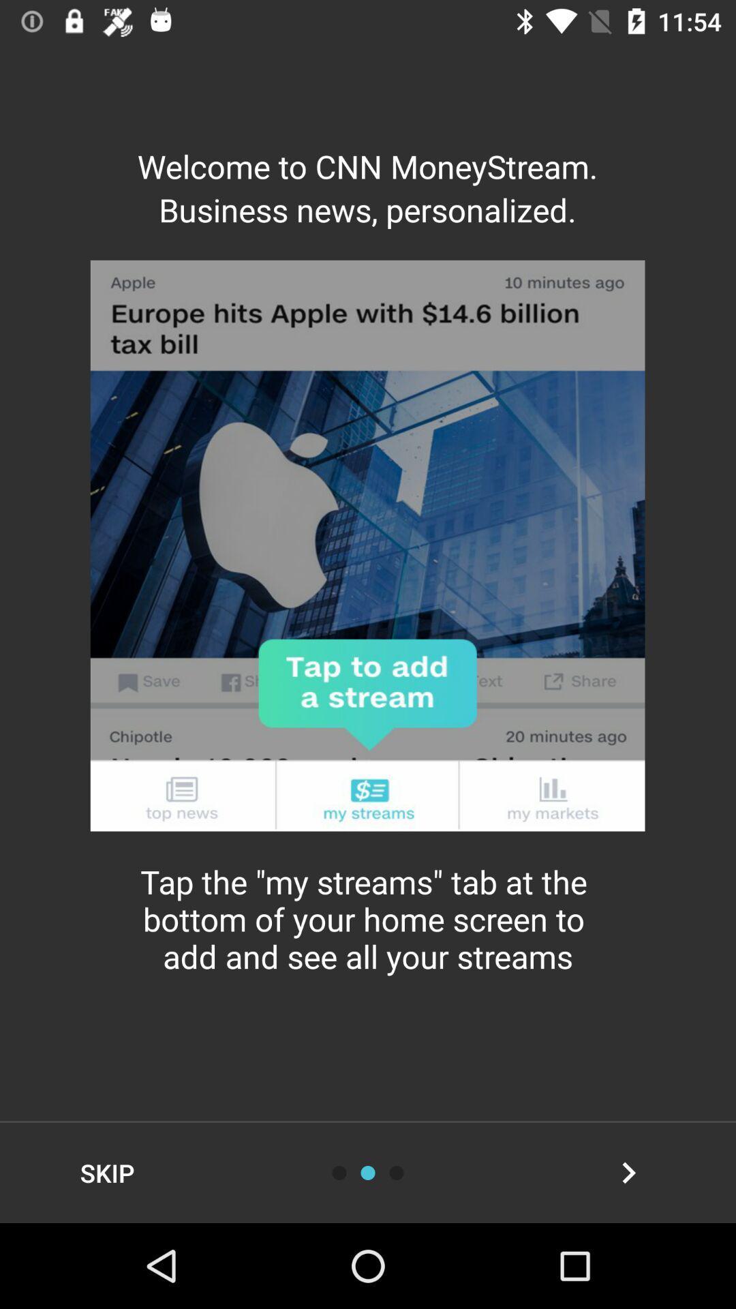 Image resolution: width=736 pixels, height=1309 pixels. Describe the element at coordinates (397, 1172) in the screenshot. I see `pause` at that location.